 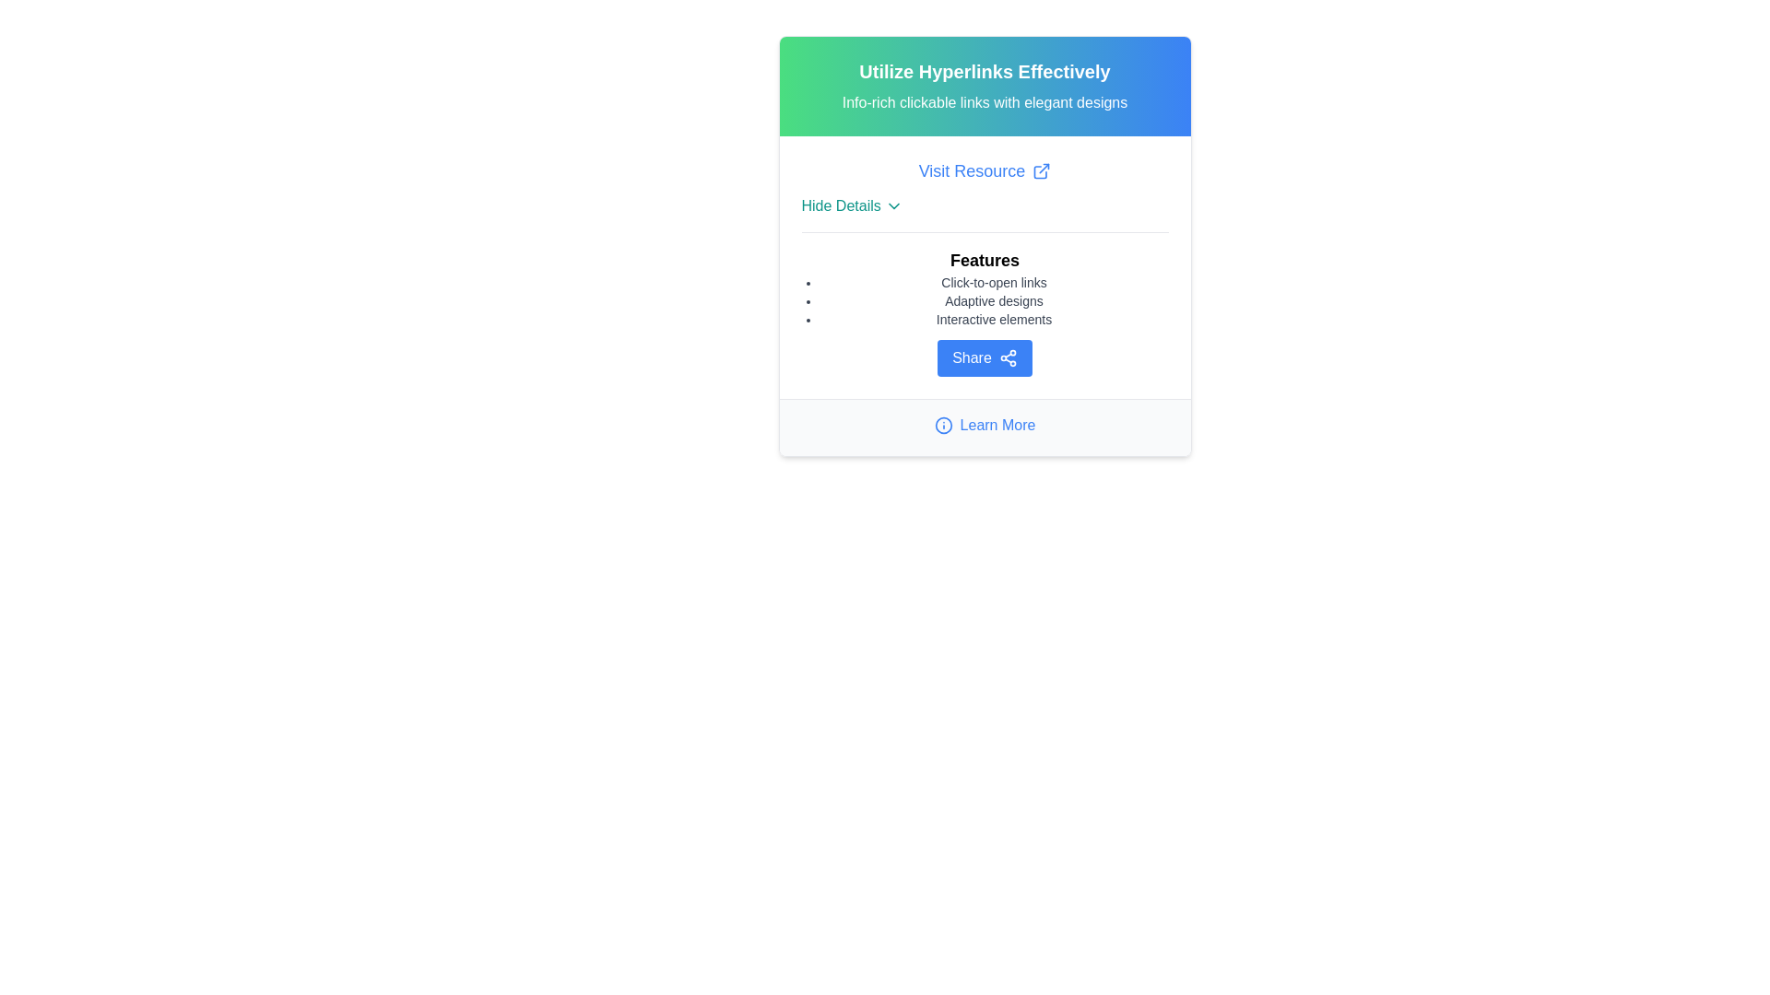 I want to click on the downward-pointing chevron icon located to the right of the 'Hide Details' label, so click(x=893, y=205).